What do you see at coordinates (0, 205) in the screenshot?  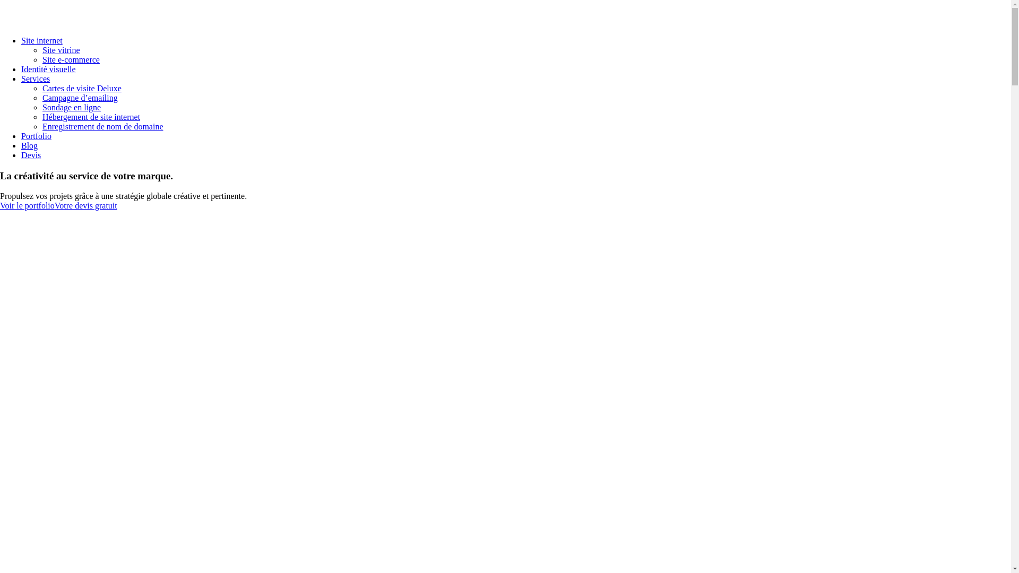 I see `'Voir le portfolio'` at bounding box center [0, 205].